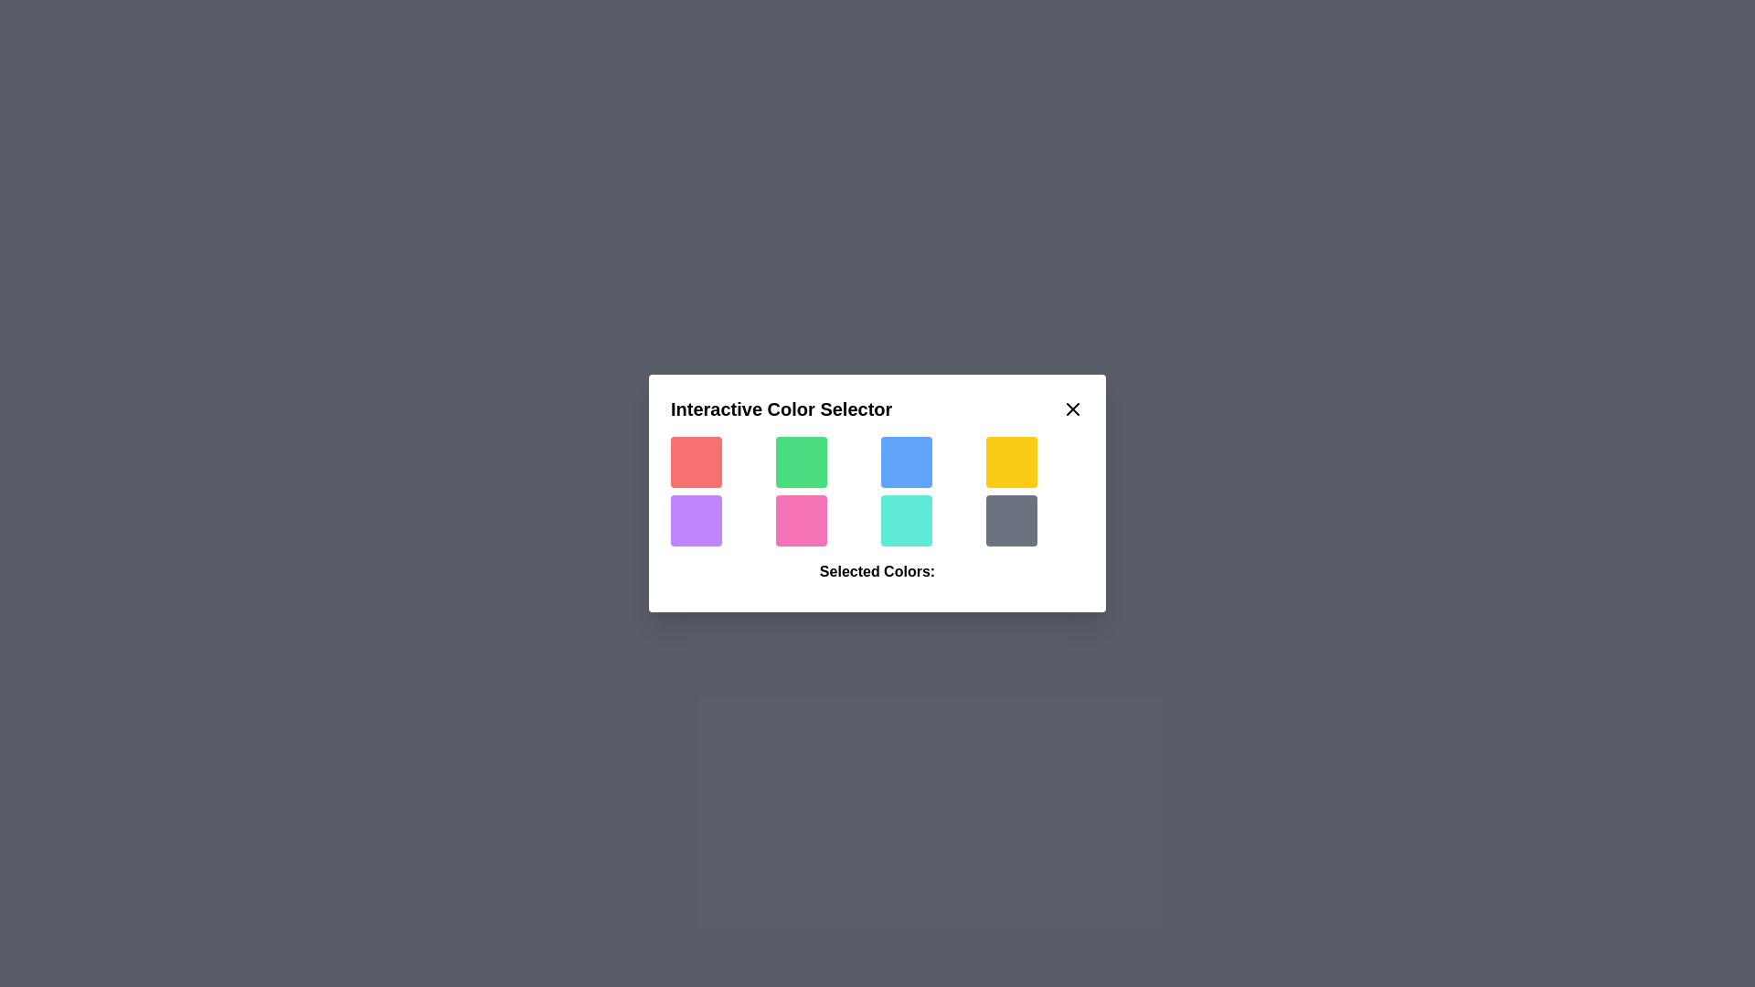  Describe the element at coordinates (1073, 408) in the screenshot. I see `the close (X) button to close the panel` at that location.